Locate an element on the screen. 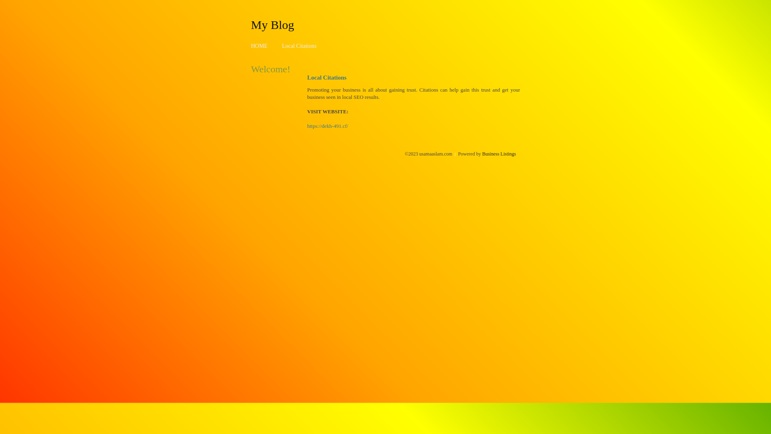 The image size is (771, 434). 'Business Listings' is located at coordinates (499, 154).